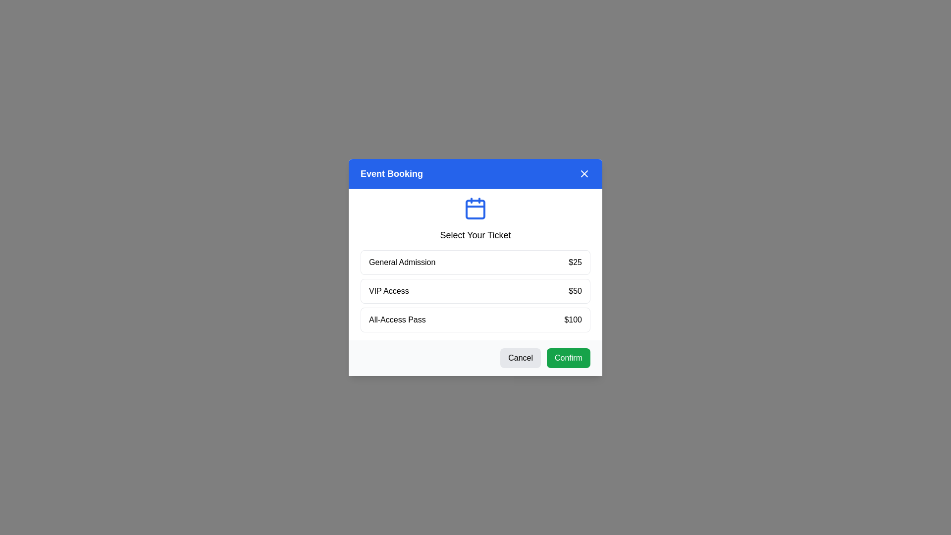  Describe the element at coordinates (475, 208) in the screenshot. I see `the date selection icon located centrally under the title 'Event Booking' and directly above the text 'Select Your Ticket'` at that location.